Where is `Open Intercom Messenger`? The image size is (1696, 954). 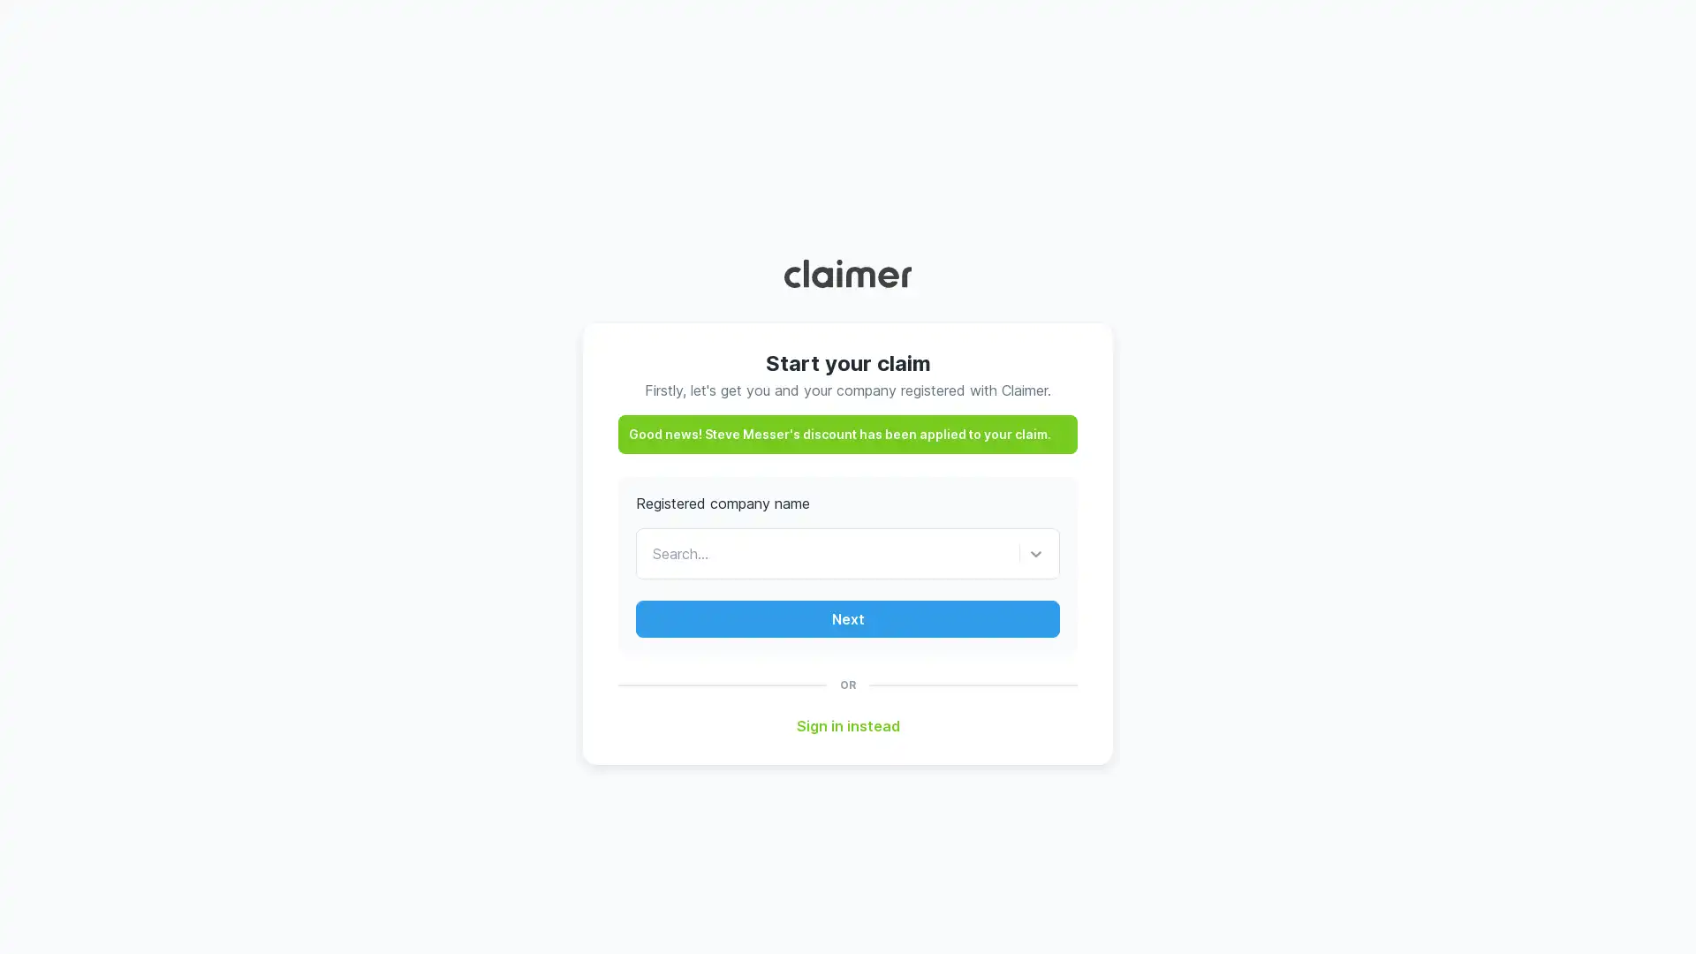 Open Intercom Messenger is located at coordinates (1651, 909).